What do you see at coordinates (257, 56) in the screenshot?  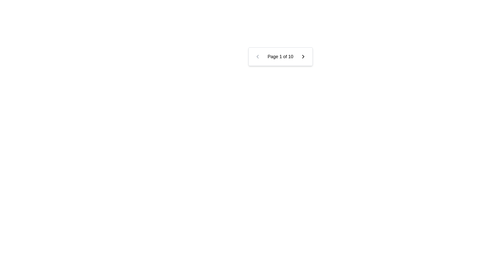 I see `the left-pointing chevron icon within the pagination control button adjacent to 'Page 1 of 10'` at bounding box center [257, 56].